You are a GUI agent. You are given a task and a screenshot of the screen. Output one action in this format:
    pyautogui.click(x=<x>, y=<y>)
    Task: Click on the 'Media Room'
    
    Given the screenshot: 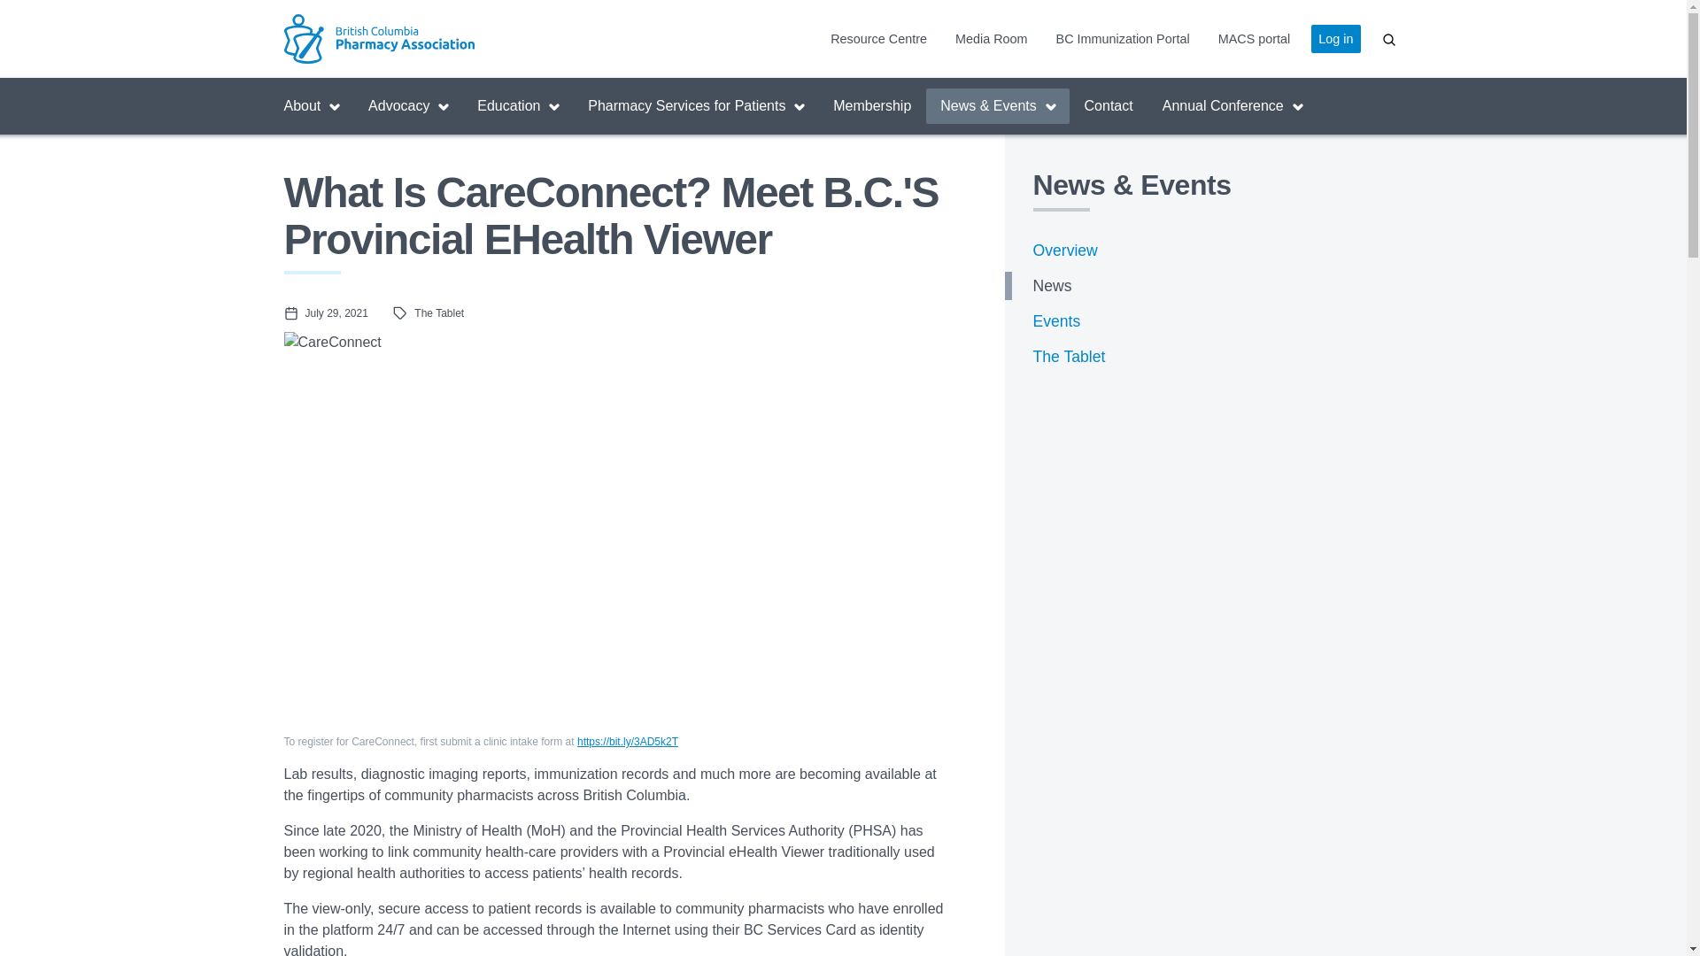 What is the action you would take?
    pyautogui.click(x=990, y=38)
    